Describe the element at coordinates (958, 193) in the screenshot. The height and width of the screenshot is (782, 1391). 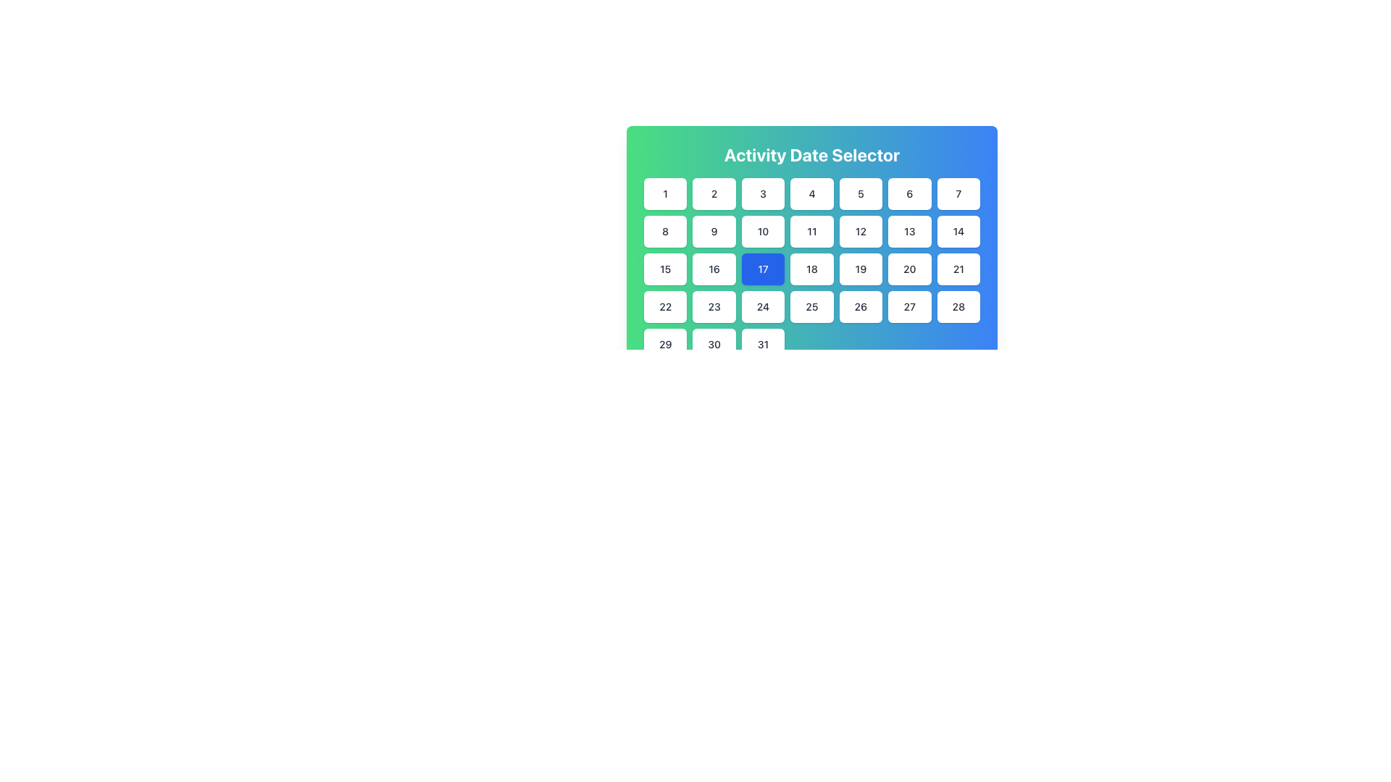
I see `the rectangular button displaying the number '7' with rounded corners and a shadow effect, located in the top row of a grid layout` at that location.